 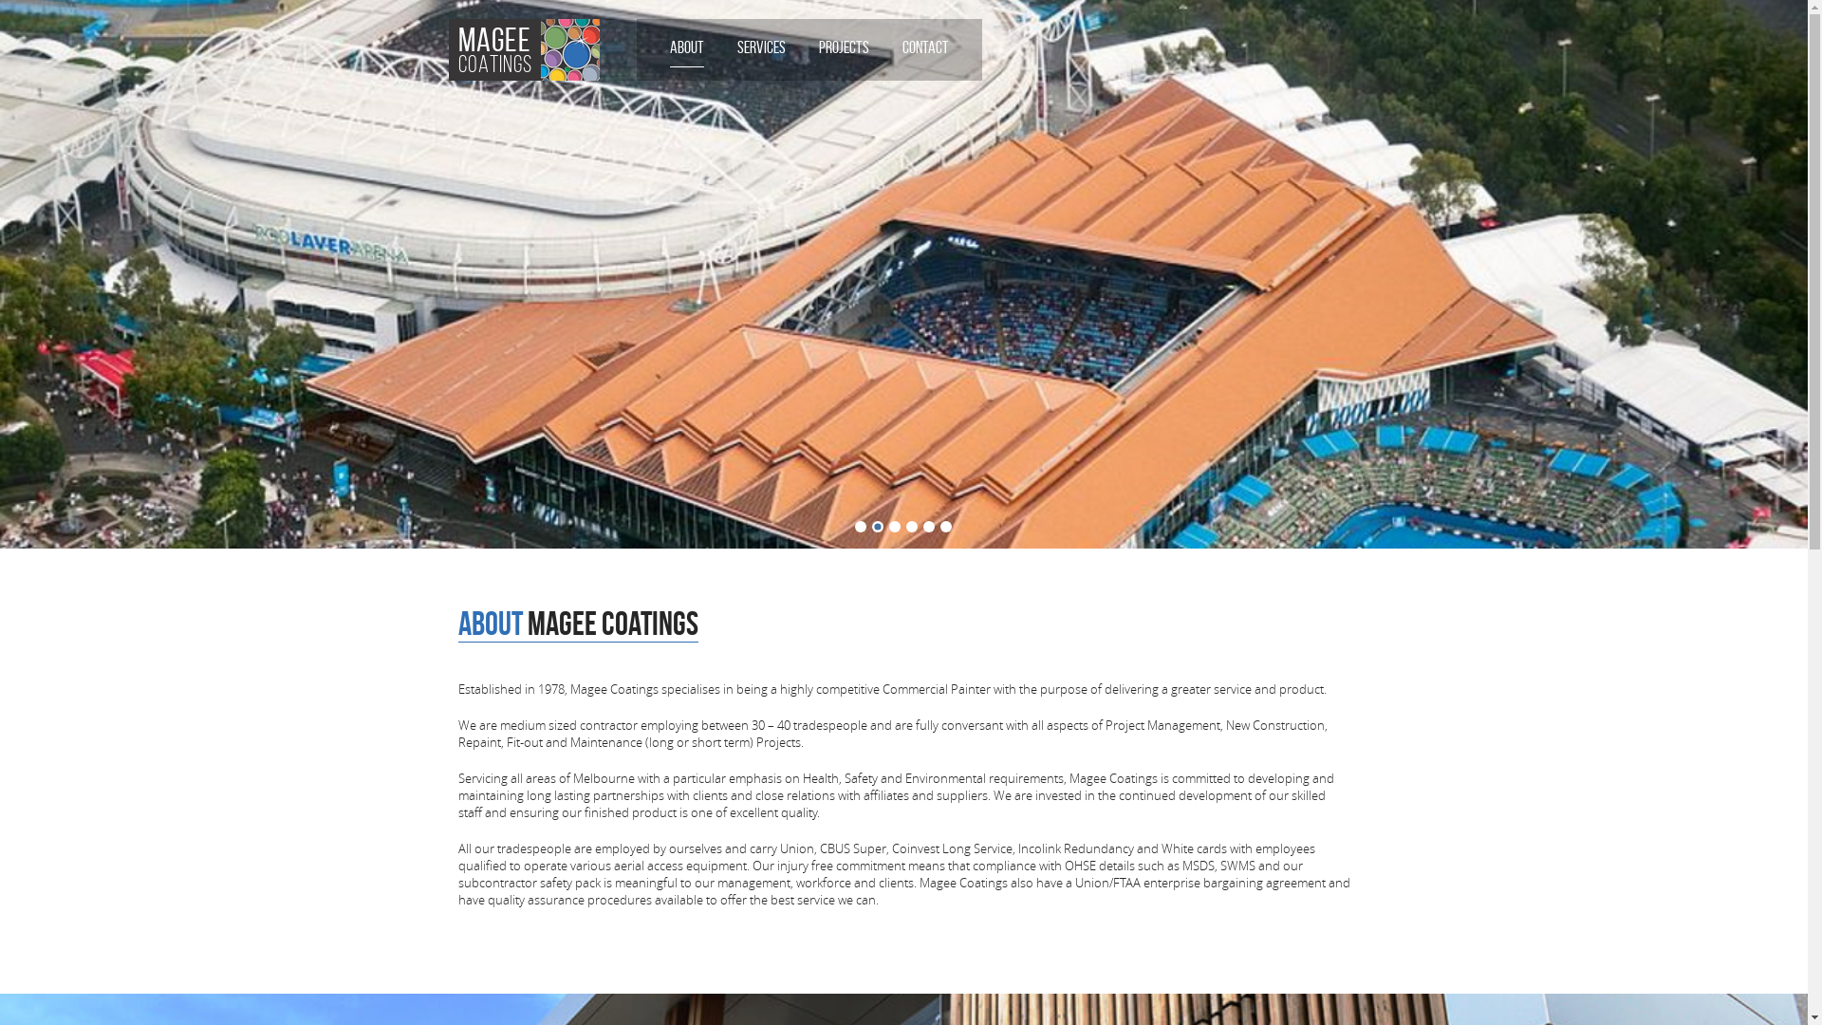 What do you see at coordinates (924, 47) in the screenshot?
I see `'CONTACT'` at bounding box center [924, 47].